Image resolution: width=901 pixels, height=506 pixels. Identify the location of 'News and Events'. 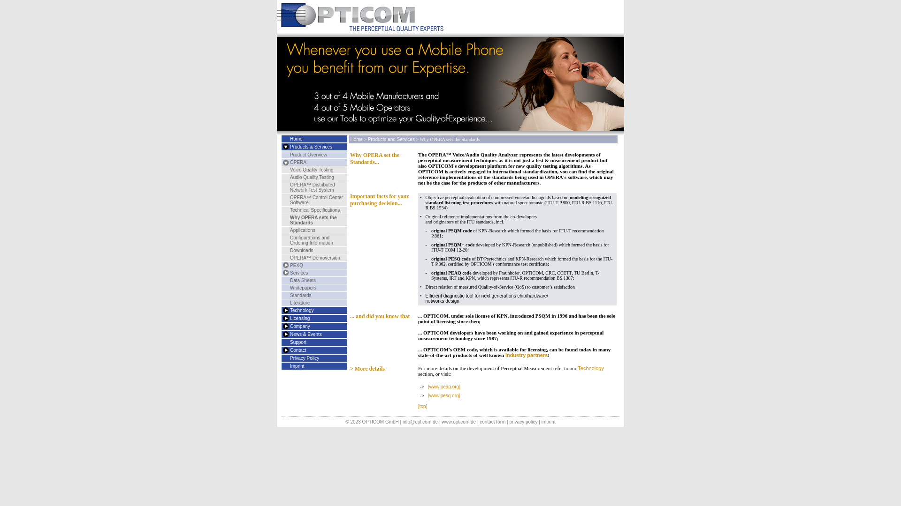
(284, 334).